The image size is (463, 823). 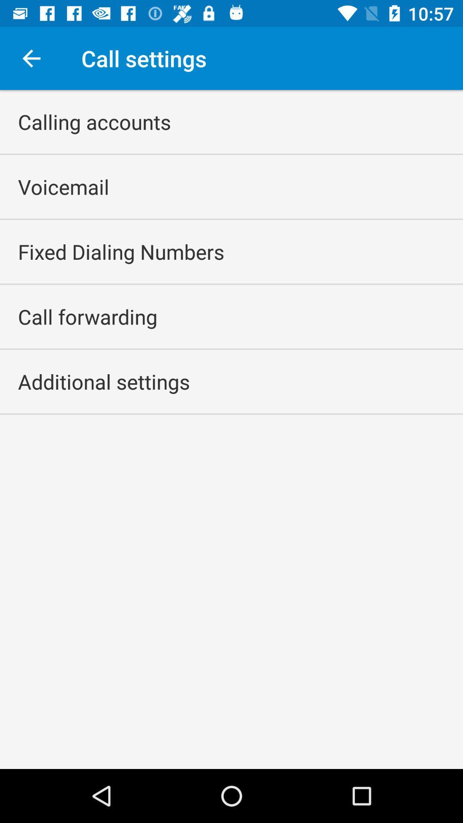 What do you see at coordinates (63, 186) in the screenshot?
I see `voicemail` at bounding box center [63, 186].